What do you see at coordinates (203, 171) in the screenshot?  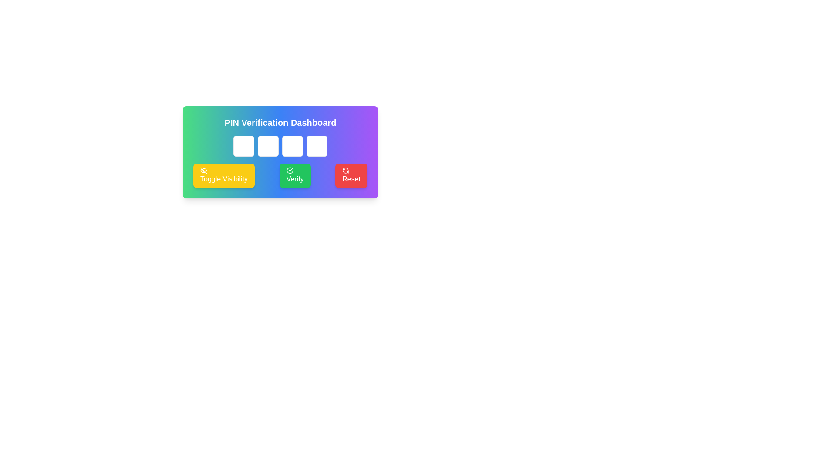 I see `the visibility toggle icon, which resembles an eye with a cross-line, located within a yellow rectangular button labeled 'Toggle Visibility' beneath the PIN input fields` at bounding box center [203, 171].